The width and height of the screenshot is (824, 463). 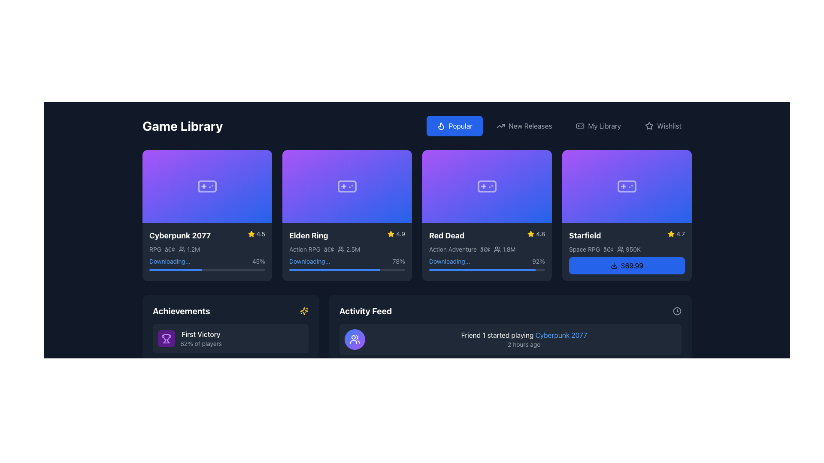 I want to click on the decorative graphical element located at the center of the game controller icon in the second card from the right in the top row of the 'Game Library' section, so click(x=487, y=186).